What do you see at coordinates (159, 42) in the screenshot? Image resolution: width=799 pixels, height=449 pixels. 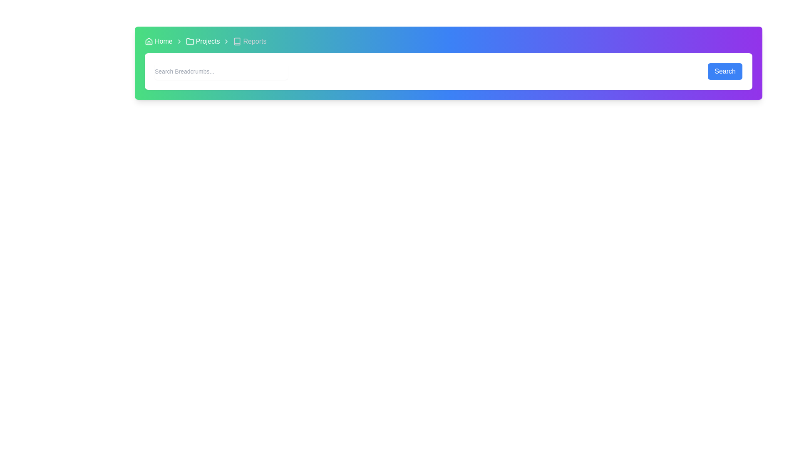 I see `the Navigation link with an icon and label located at the start of the breadcrumb sequence to trigger a visual effect` at bounding box center [159, 42].